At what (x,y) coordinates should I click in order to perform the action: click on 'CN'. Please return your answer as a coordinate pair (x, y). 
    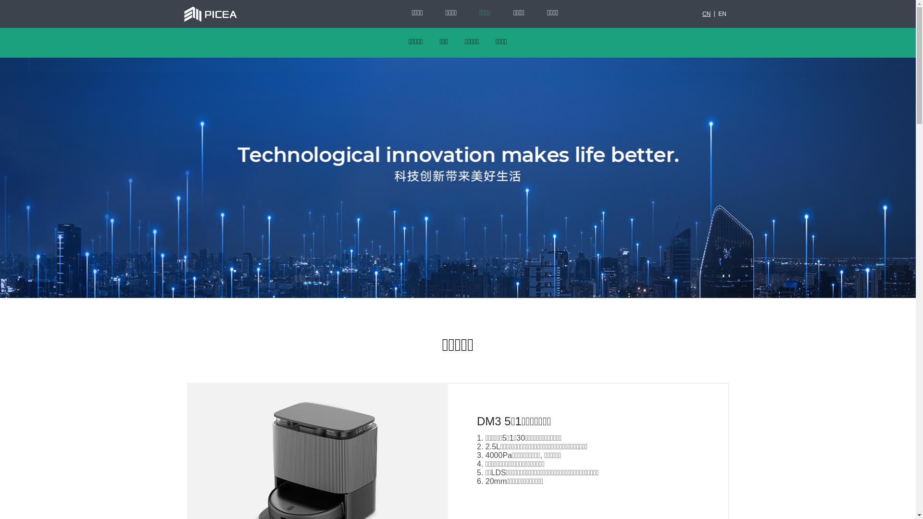
    Looking at the image, I should click on (706, 14).